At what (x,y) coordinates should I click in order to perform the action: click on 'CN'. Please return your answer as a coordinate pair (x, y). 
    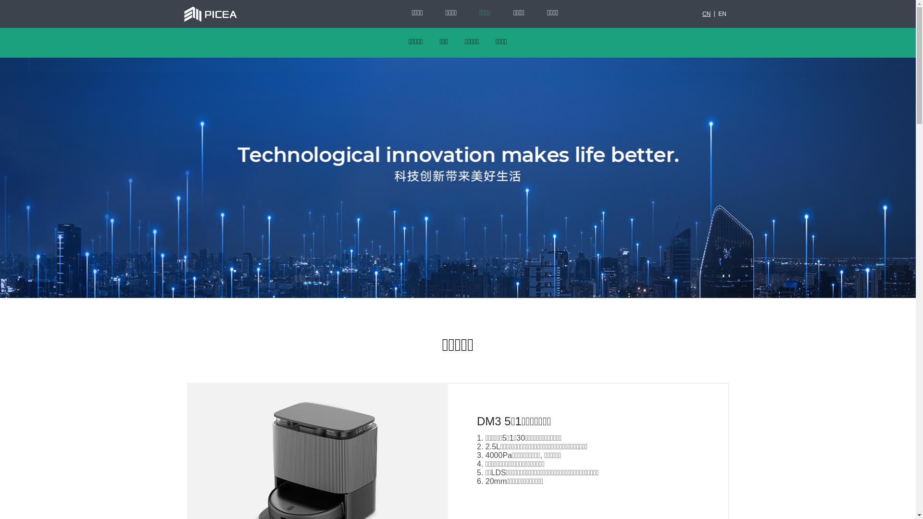
    Looking at the image, I should click on (706, 14).